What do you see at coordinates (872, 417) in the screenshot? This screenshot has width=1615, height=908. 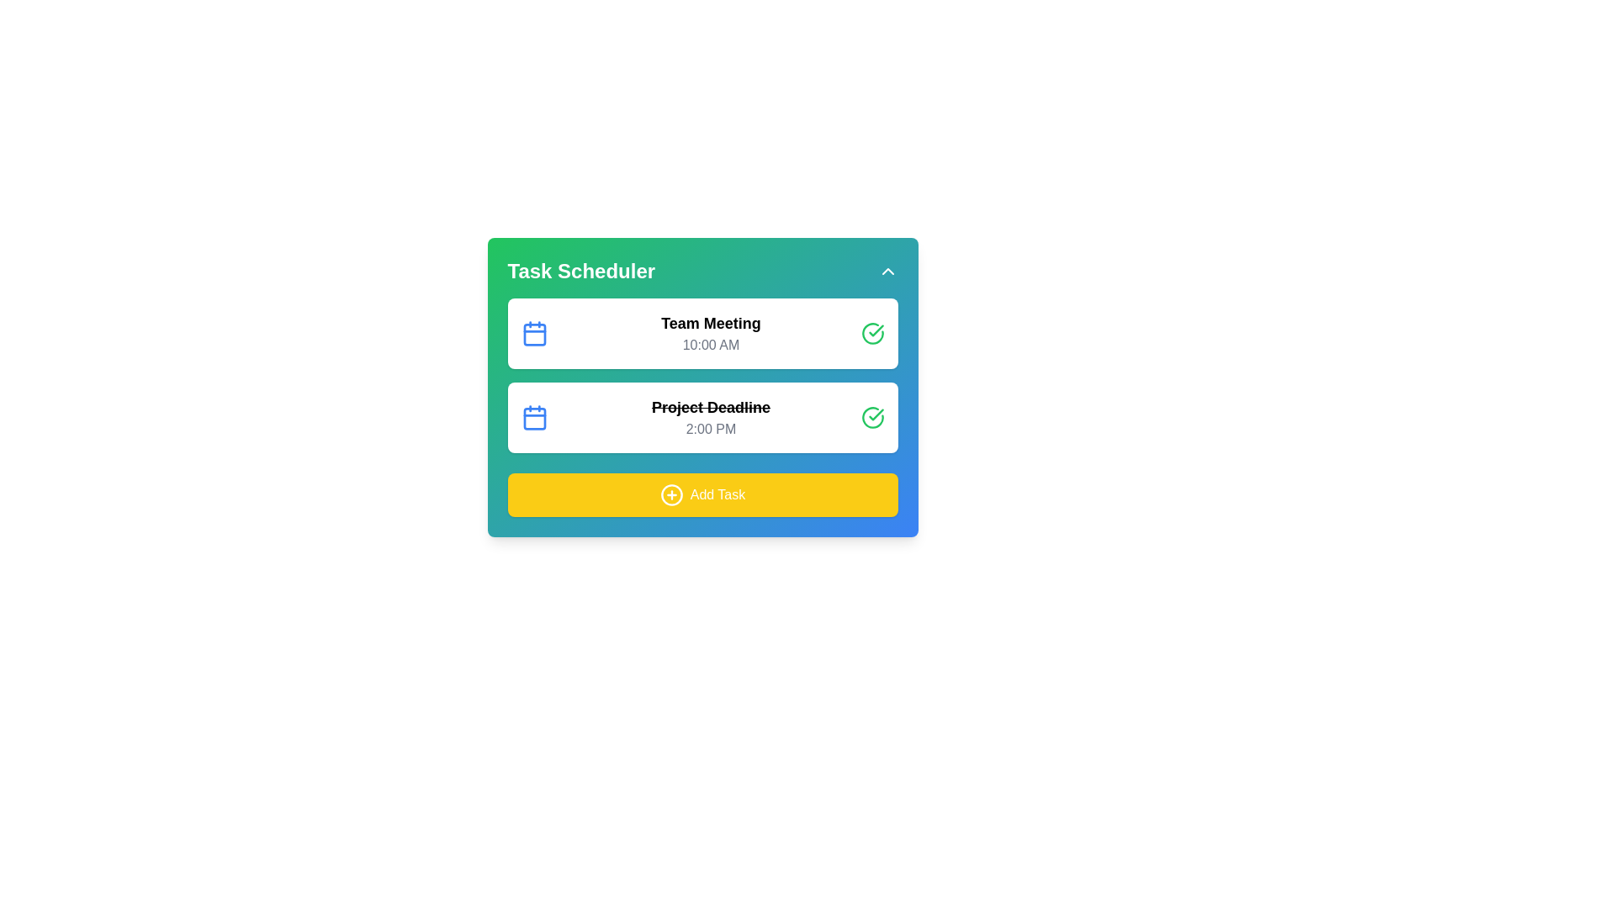 I see `the green arc segment of the checkmark icon located to the right of the 'Team Meeting' item in the task scheduler interface` at bounding box center [872, 417].